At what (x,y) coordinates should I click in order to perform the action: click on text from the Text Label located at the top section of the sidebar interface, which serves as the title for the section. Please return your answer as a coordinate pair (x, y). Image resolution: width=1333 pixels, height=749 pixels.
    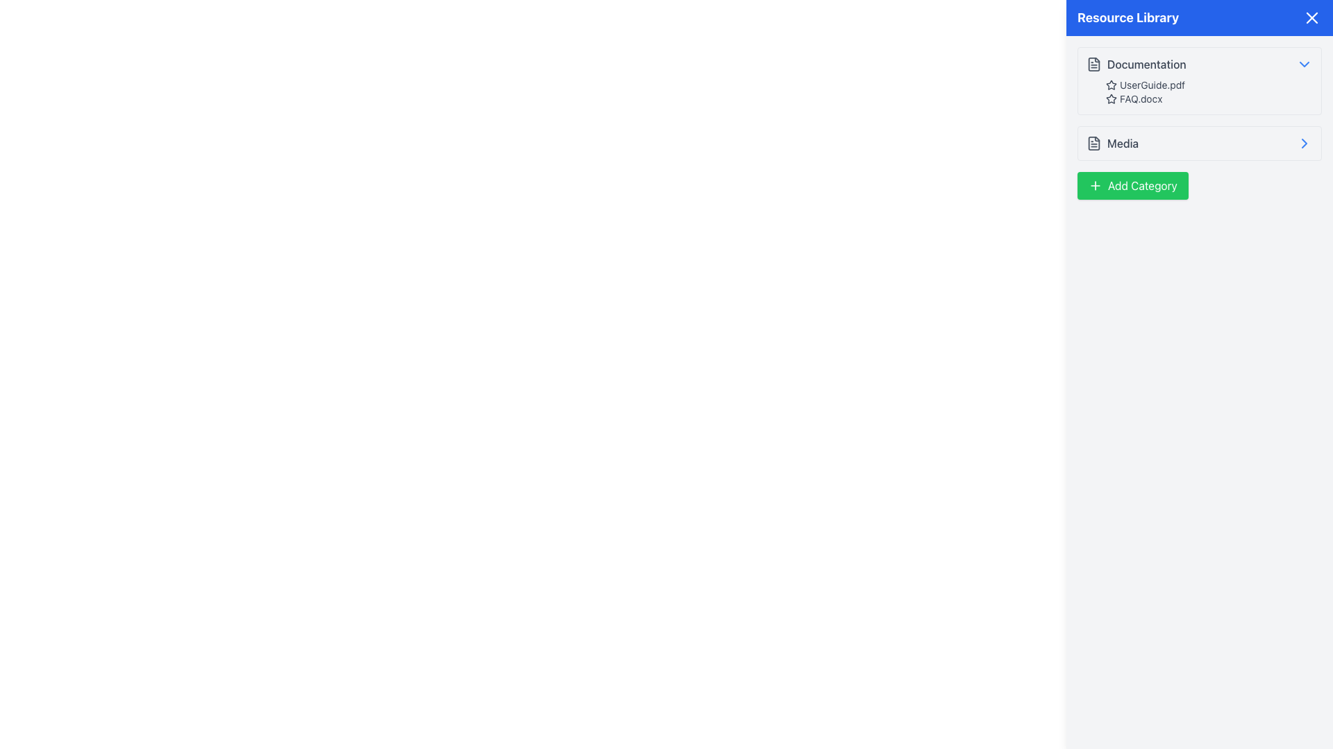
    Looking at the image, I should click on (1128, 18).